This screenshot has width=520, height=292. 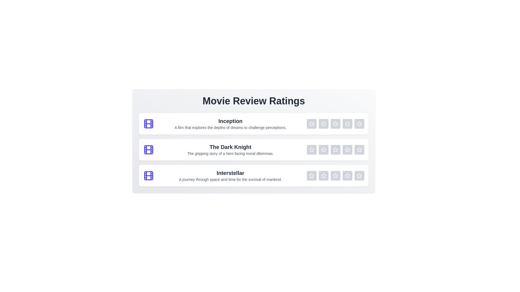 I want to click on the rating of a movie to 5 stars by clicking the corresponding star, so click(x=359, y=124).